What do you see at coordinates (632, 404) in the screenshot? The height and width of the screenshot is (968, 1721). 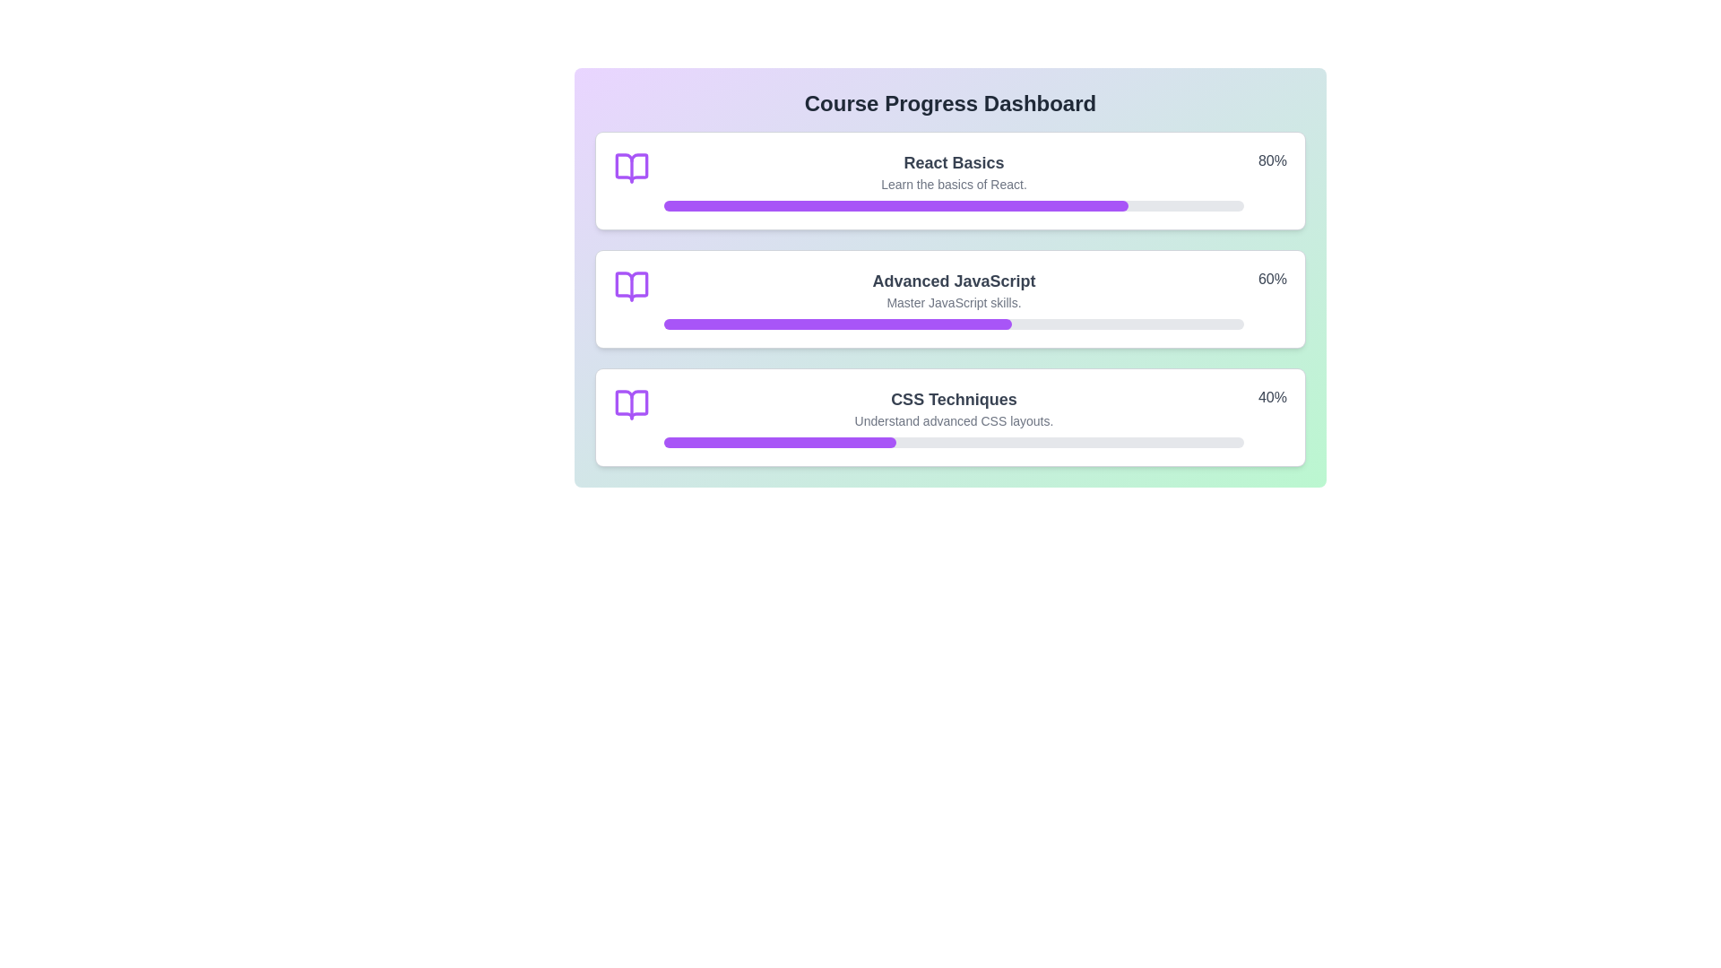 I see `the open book icon with a purple outline located in the 'CSS Techniques' course card on the Course Progress Dashboard` at bounding box center [632, 404].